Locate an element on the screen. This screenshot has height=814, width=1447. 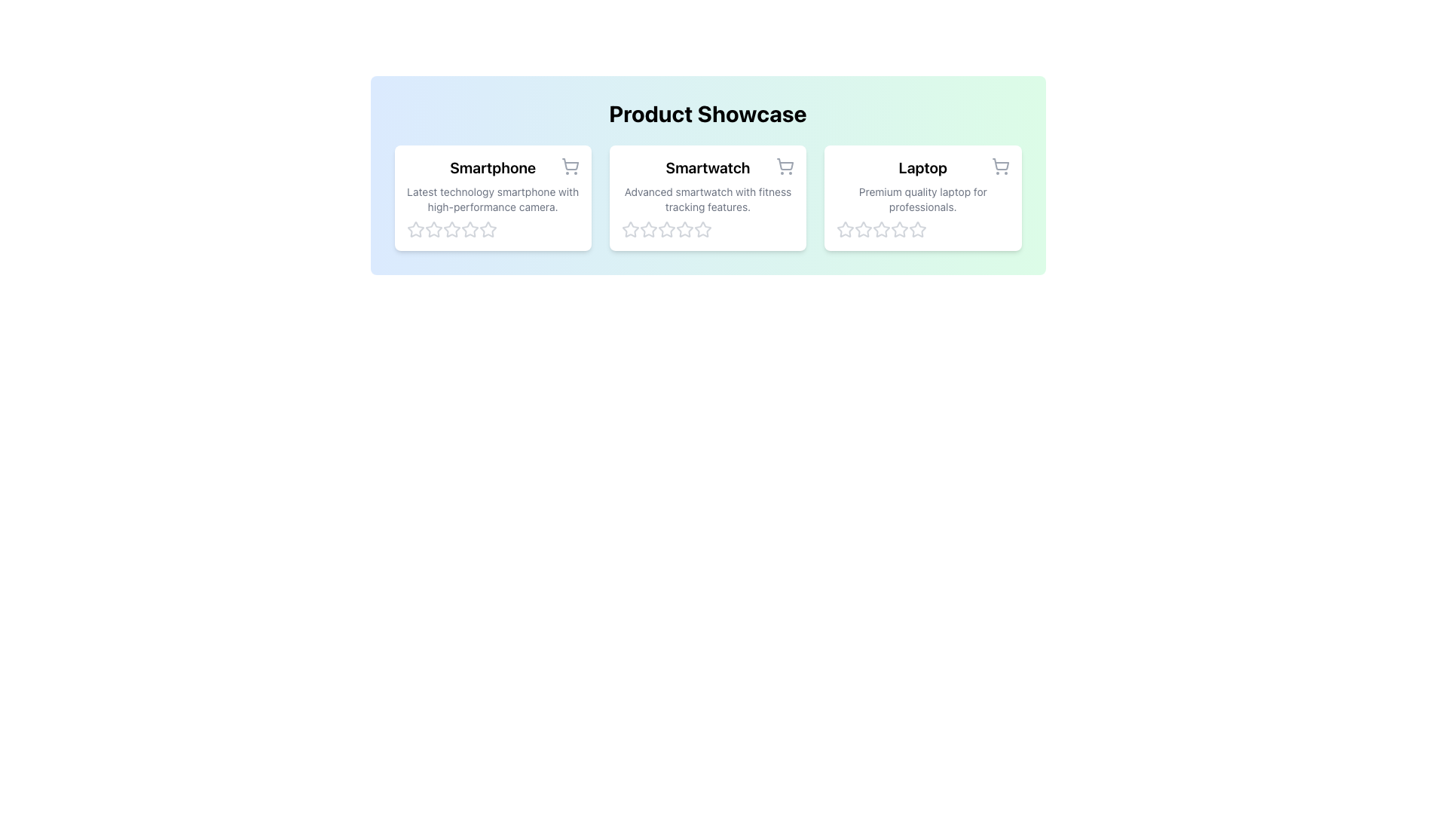
the fourth star in the rating system under the 'Laptop' product card is located at coordinates (917, 229).